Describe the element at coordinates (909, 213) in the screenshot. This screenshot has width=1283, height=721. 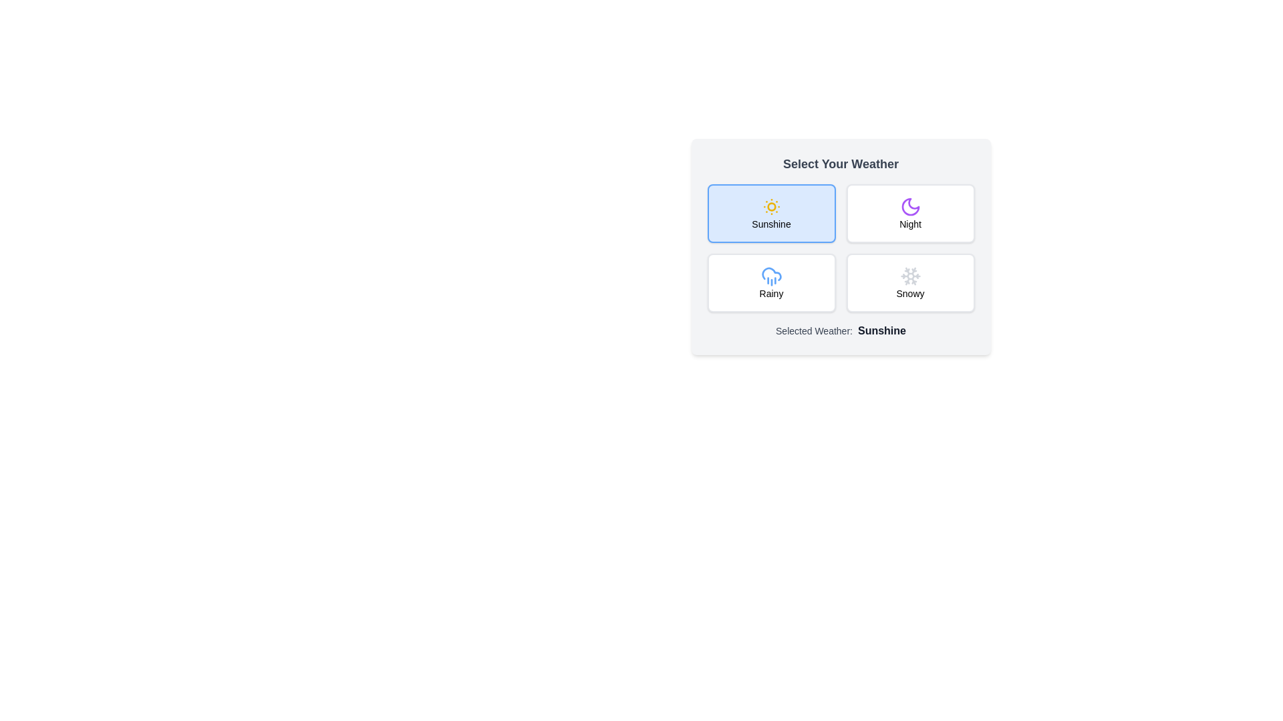
I see `the weather option Night by clicking its respective button` at that location.